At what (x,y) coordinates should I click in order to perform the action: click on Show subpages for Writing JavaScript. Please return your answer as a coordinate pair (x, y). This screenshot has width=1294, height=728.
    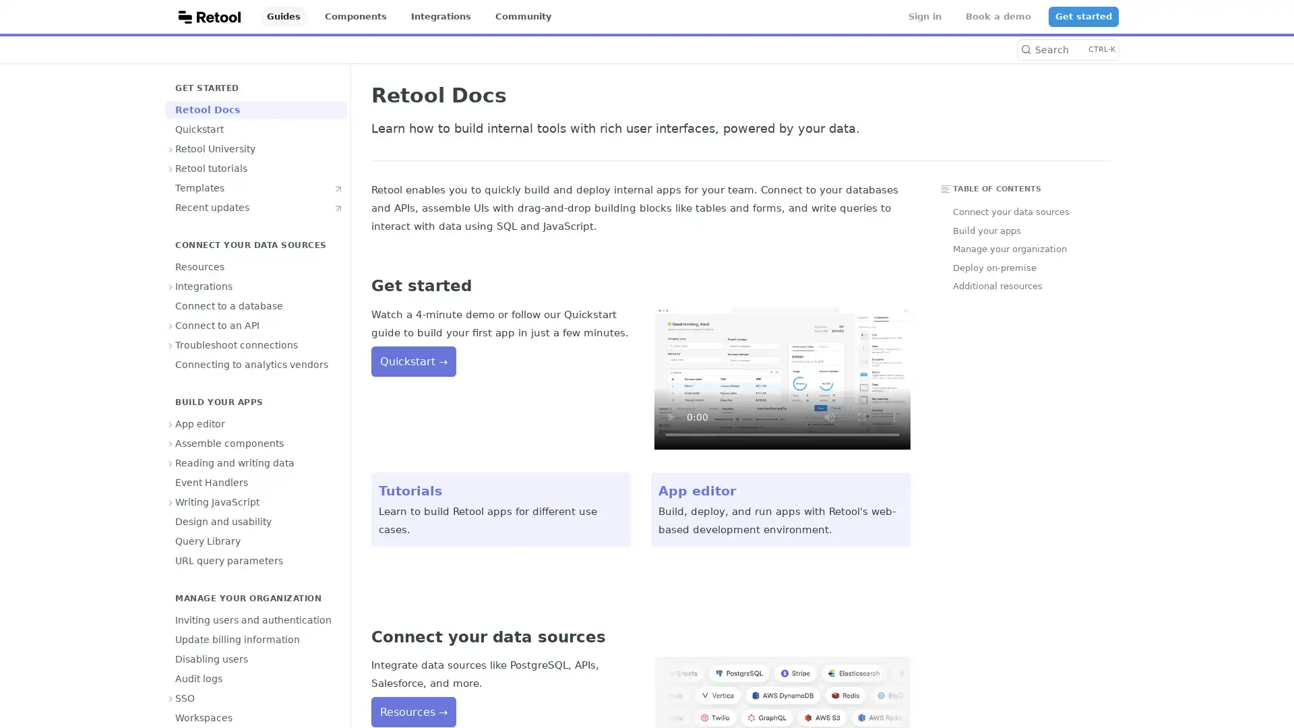
    Looking at the image, I should click on (171, 502).